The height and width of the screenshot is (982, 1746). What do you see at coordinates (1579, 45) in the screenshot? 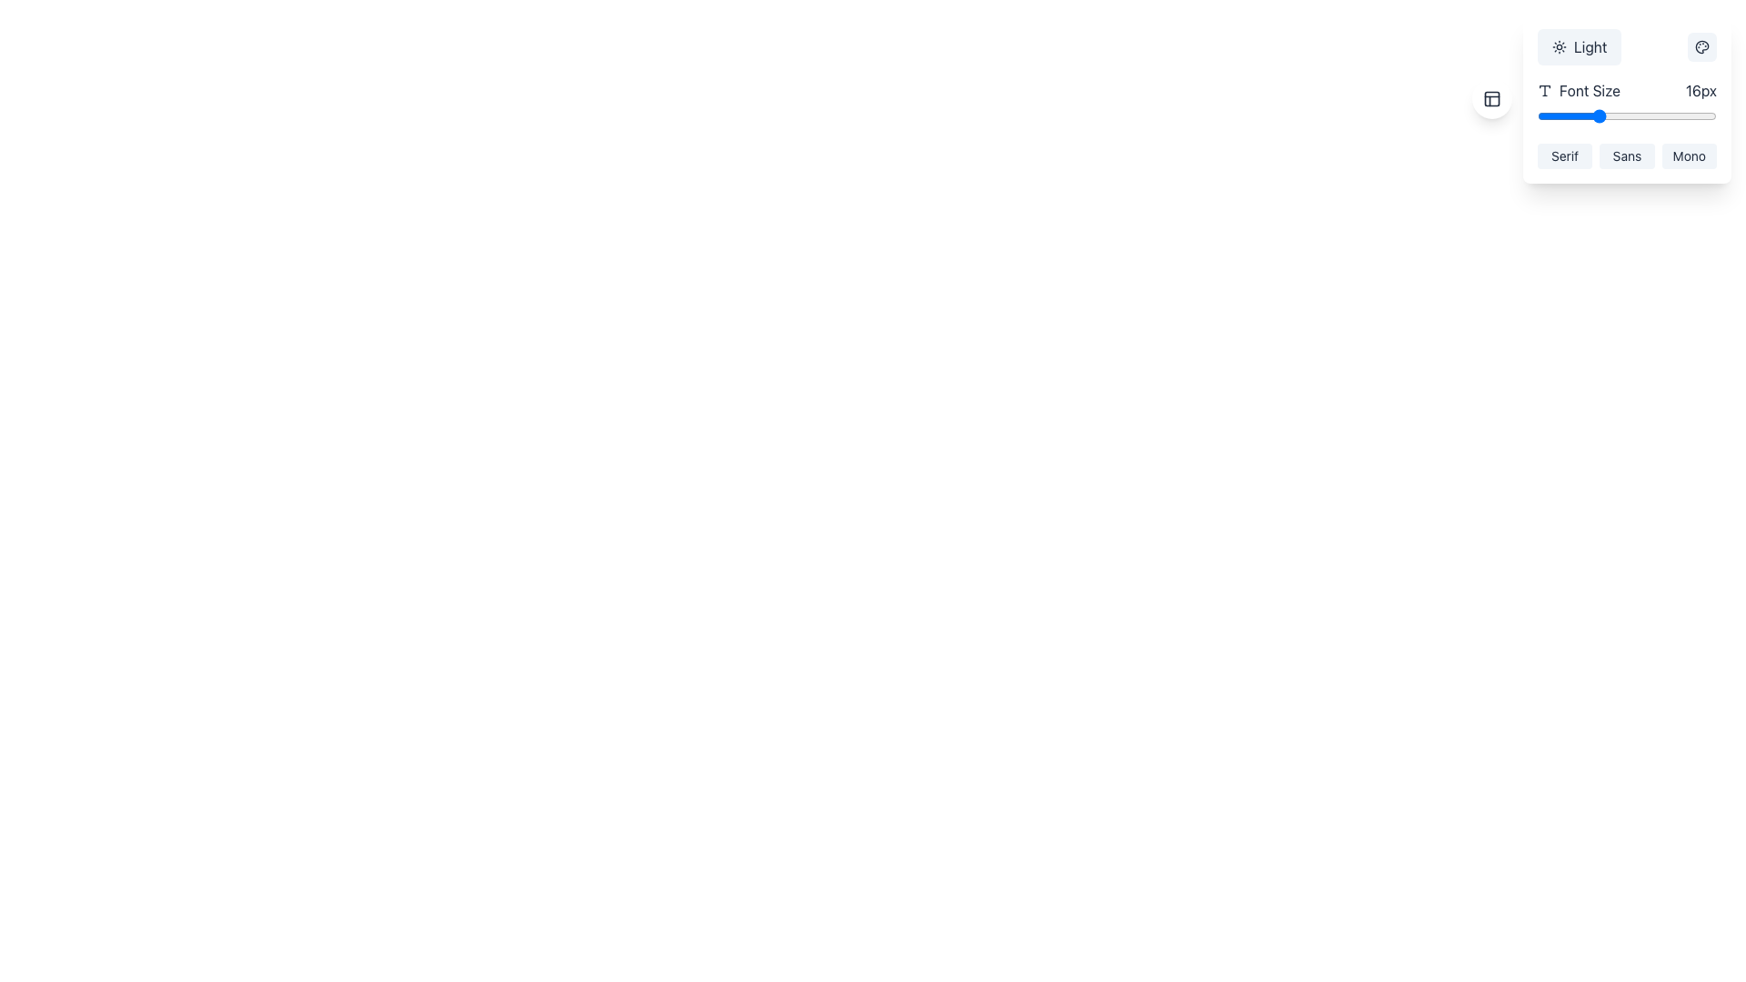
I see `the button with a light gray background featuring a sun icon and the text 'Light'` at bounding box center [1579, 45].